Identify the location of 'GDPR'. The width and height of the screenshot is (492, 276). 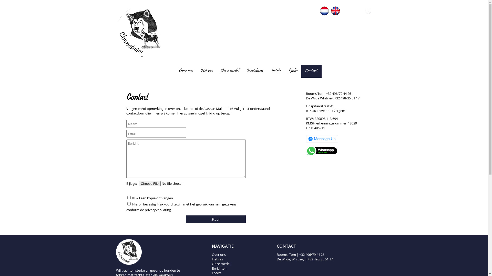
(367, 11).